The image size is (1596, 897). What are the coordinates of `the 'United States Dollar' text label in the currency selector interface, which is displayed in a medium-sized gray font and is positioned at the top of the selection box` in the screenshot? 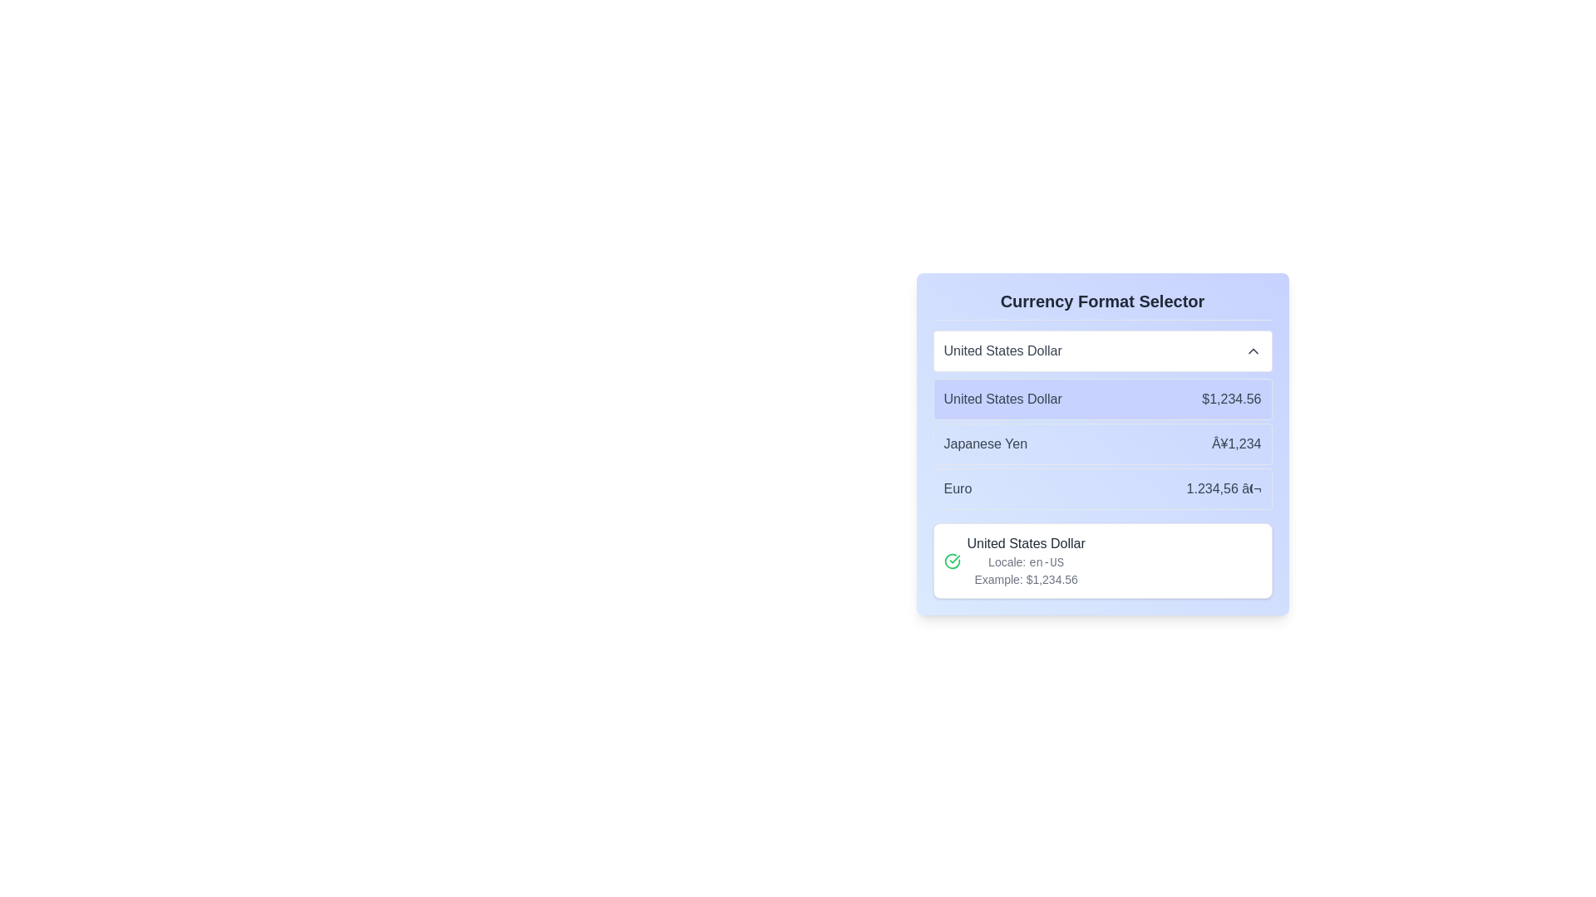 It's located at (1002, 350).